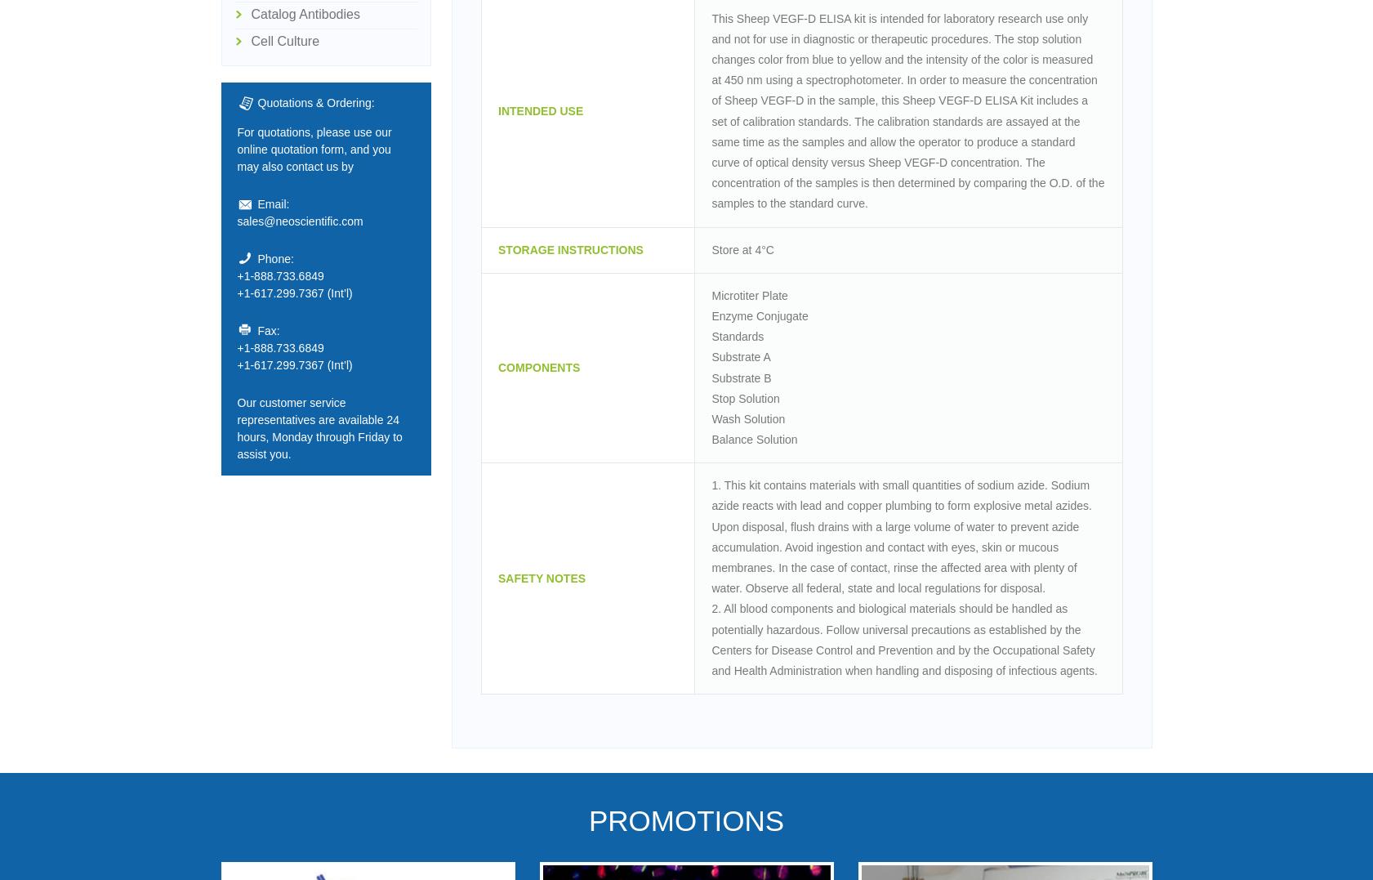 Image resolution: width=1373 pixels, height=880 pixels. I want to click on 'promotions', so click(684, 820).